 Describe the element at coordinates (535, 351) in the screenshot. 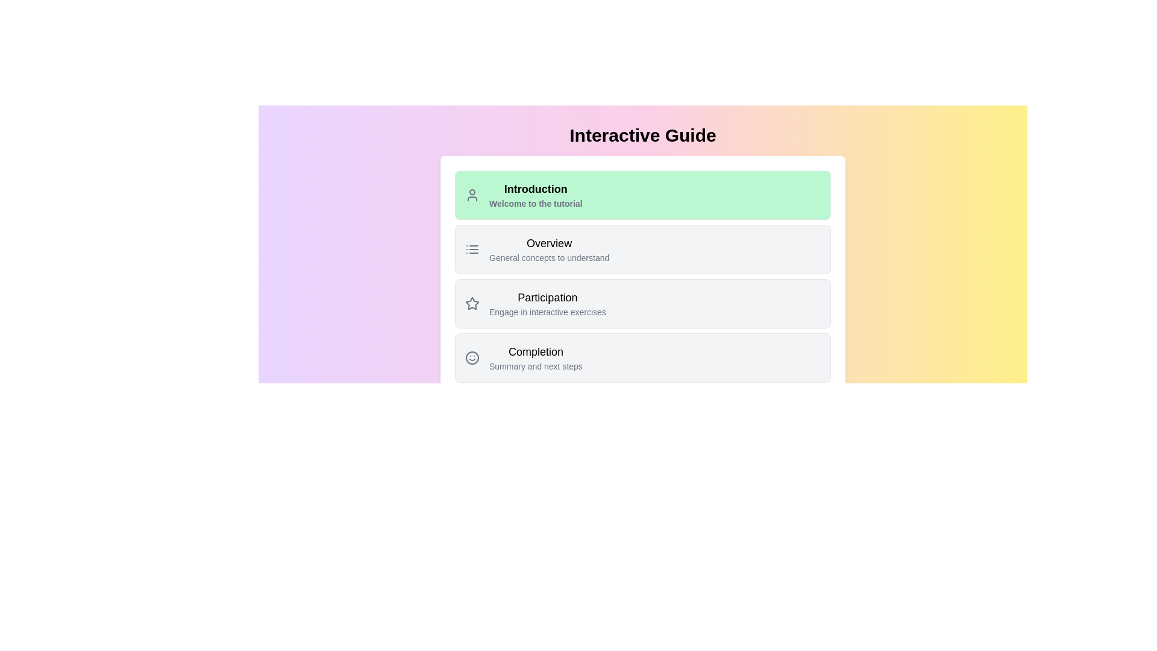

I see `the header text element located at the top part of the navigation card, which serves as a label for the section, before the subtitle 'Summary and next steps'` at that location.